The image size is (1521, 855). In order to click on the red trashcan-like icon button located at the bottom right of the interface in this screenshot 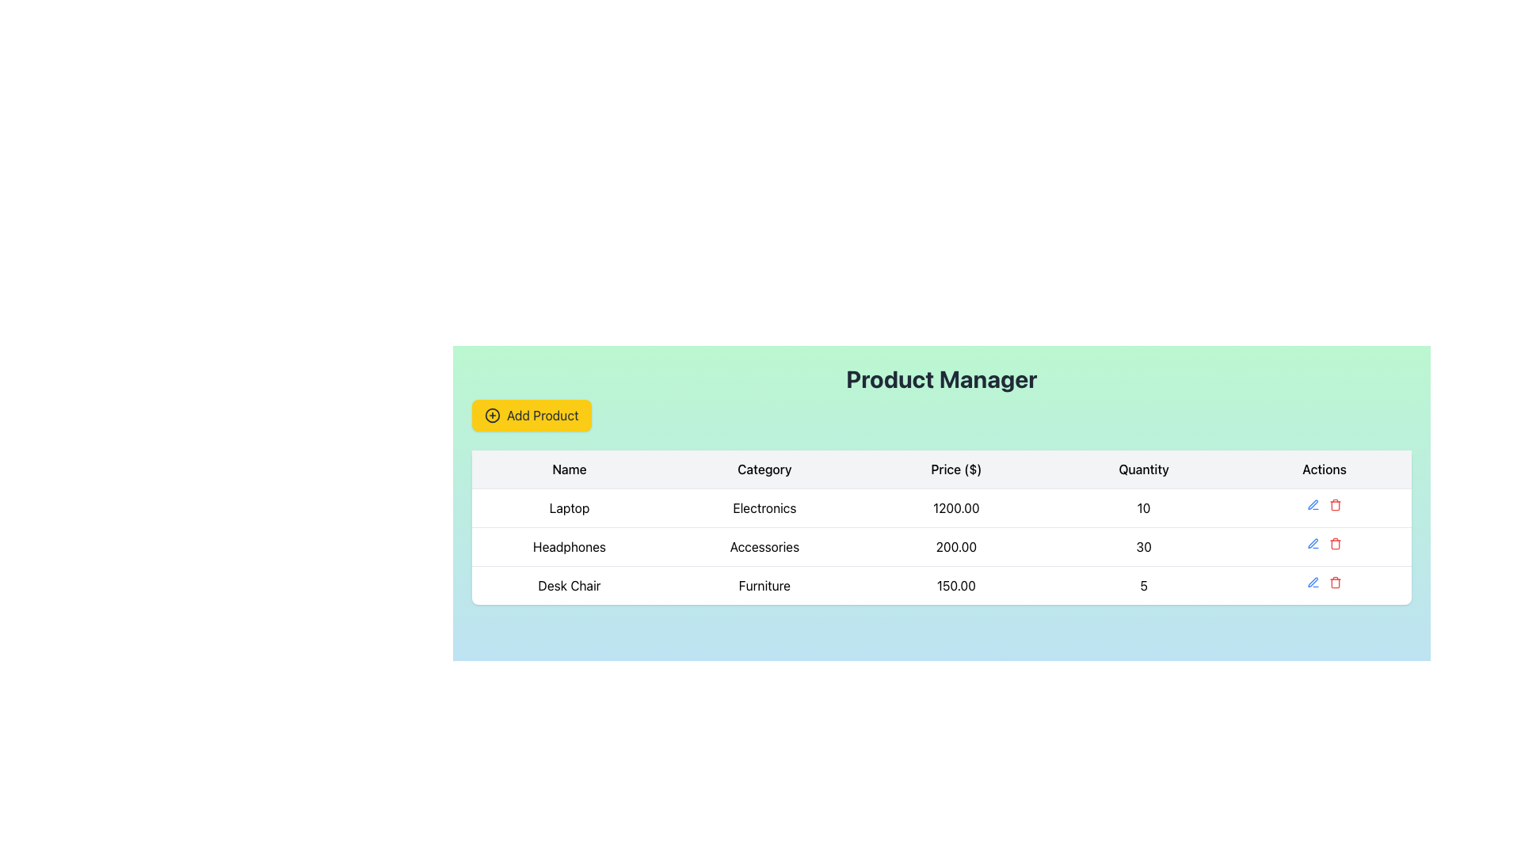, I will do `click(1335, 583)`.